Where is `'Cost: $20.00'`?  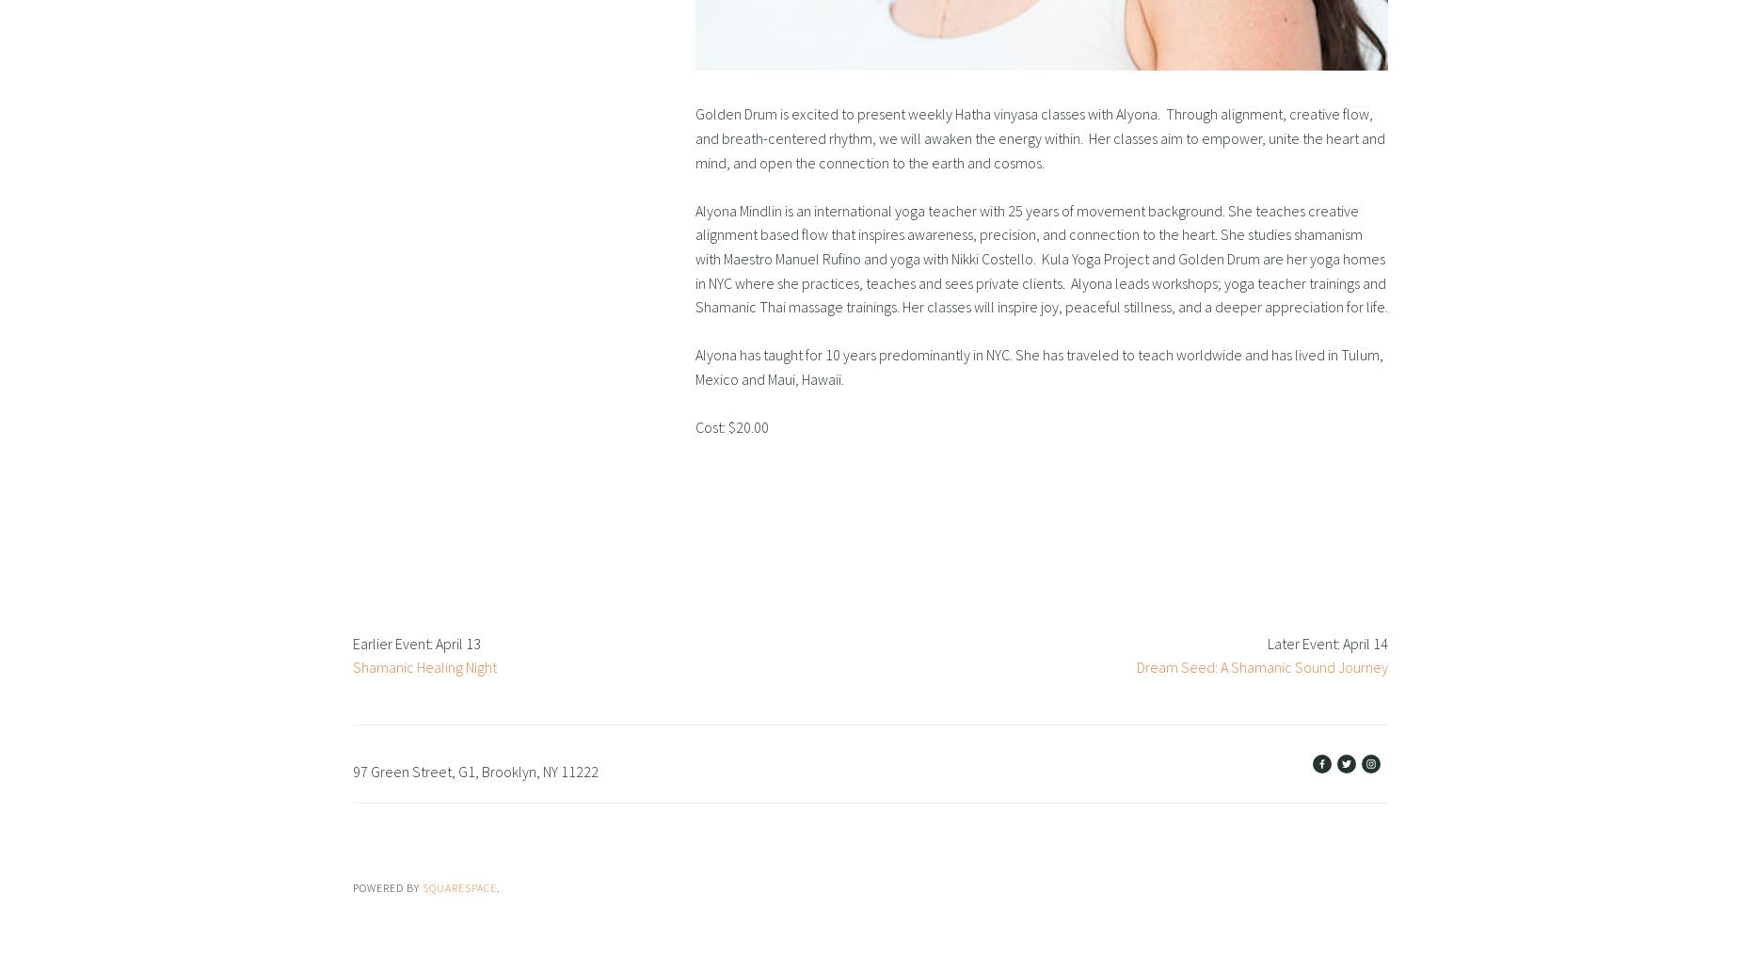 'Cost: $20.00' is located at coordinates (695, 427).